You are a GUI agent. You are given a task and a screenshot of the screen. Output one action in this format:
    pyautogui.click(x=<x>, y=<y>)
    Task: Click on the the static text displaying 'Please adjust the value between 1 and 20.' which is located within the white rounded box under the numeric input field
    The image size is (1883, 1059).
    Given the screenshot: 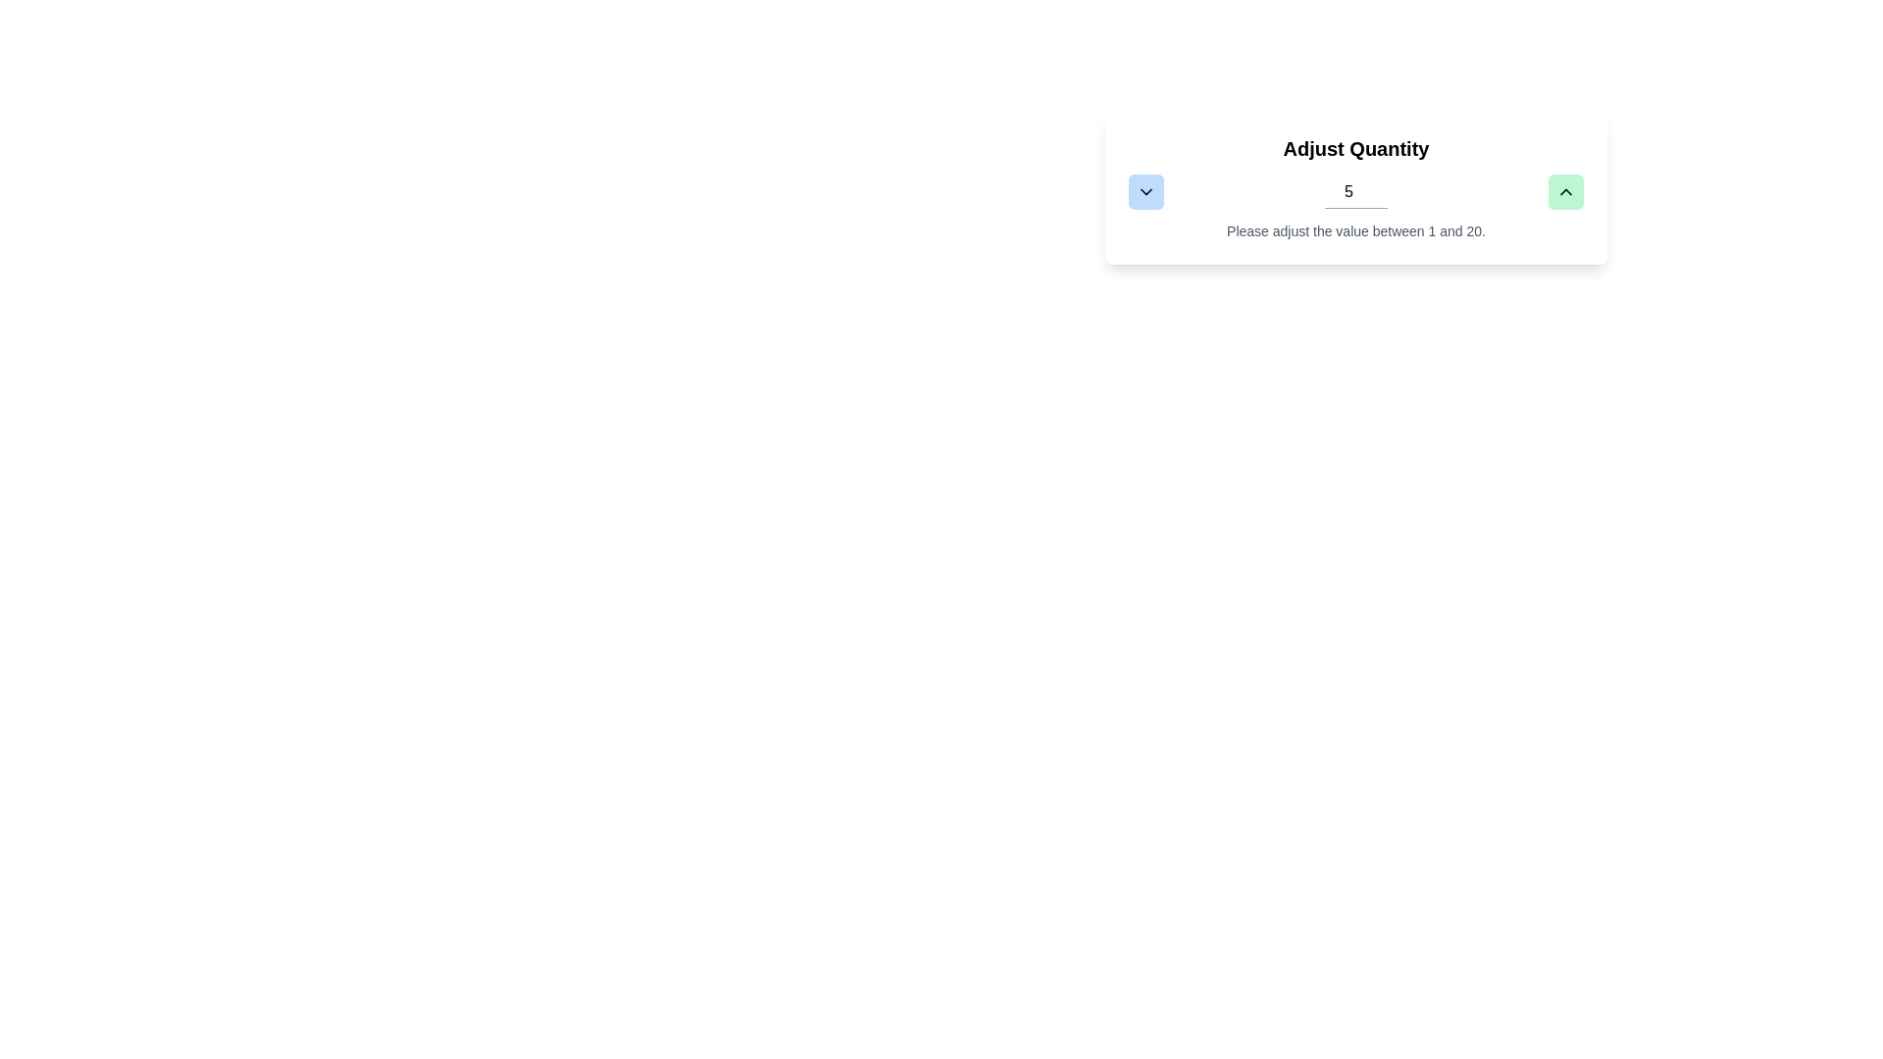 What is the action you would take?
    pyautogui.click(x=1354, y=229)
    